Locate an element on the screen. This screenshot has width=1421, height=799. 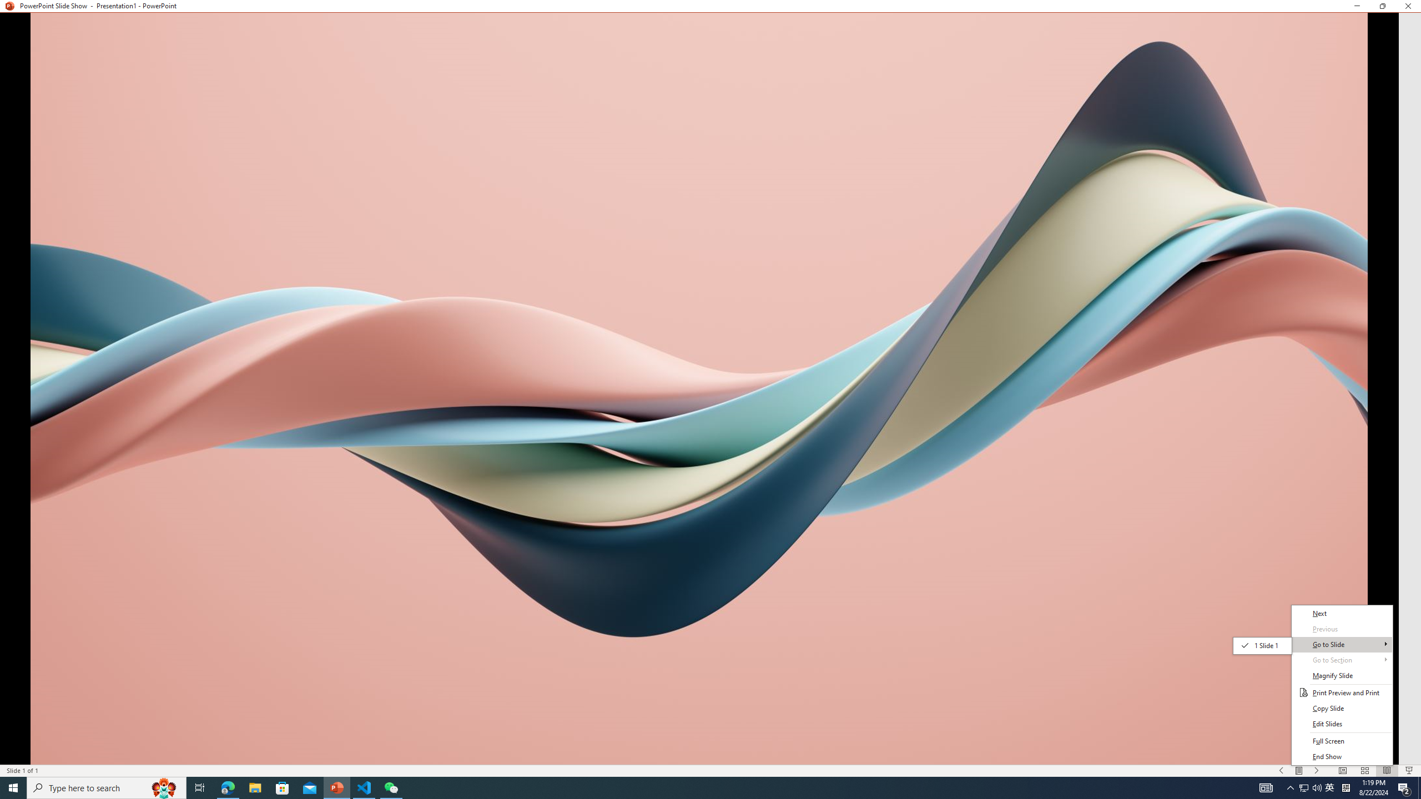
'Action Center, 2 new notifications' is located at coordinates (1404, 787).